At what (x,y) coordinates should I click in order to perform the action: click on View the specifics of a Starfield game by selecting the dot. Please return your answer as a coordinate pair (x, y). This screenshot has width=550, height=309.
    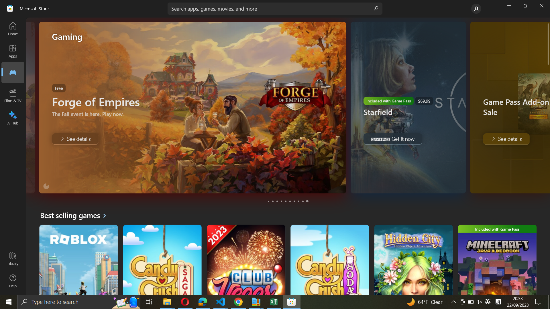
    Looking at the image, I should click on (273, 201).